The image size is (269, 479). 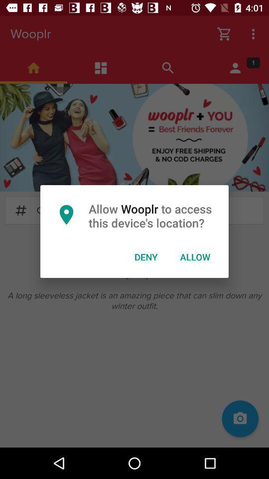 I want to click on the photo icon, so click(x=240, y=419).